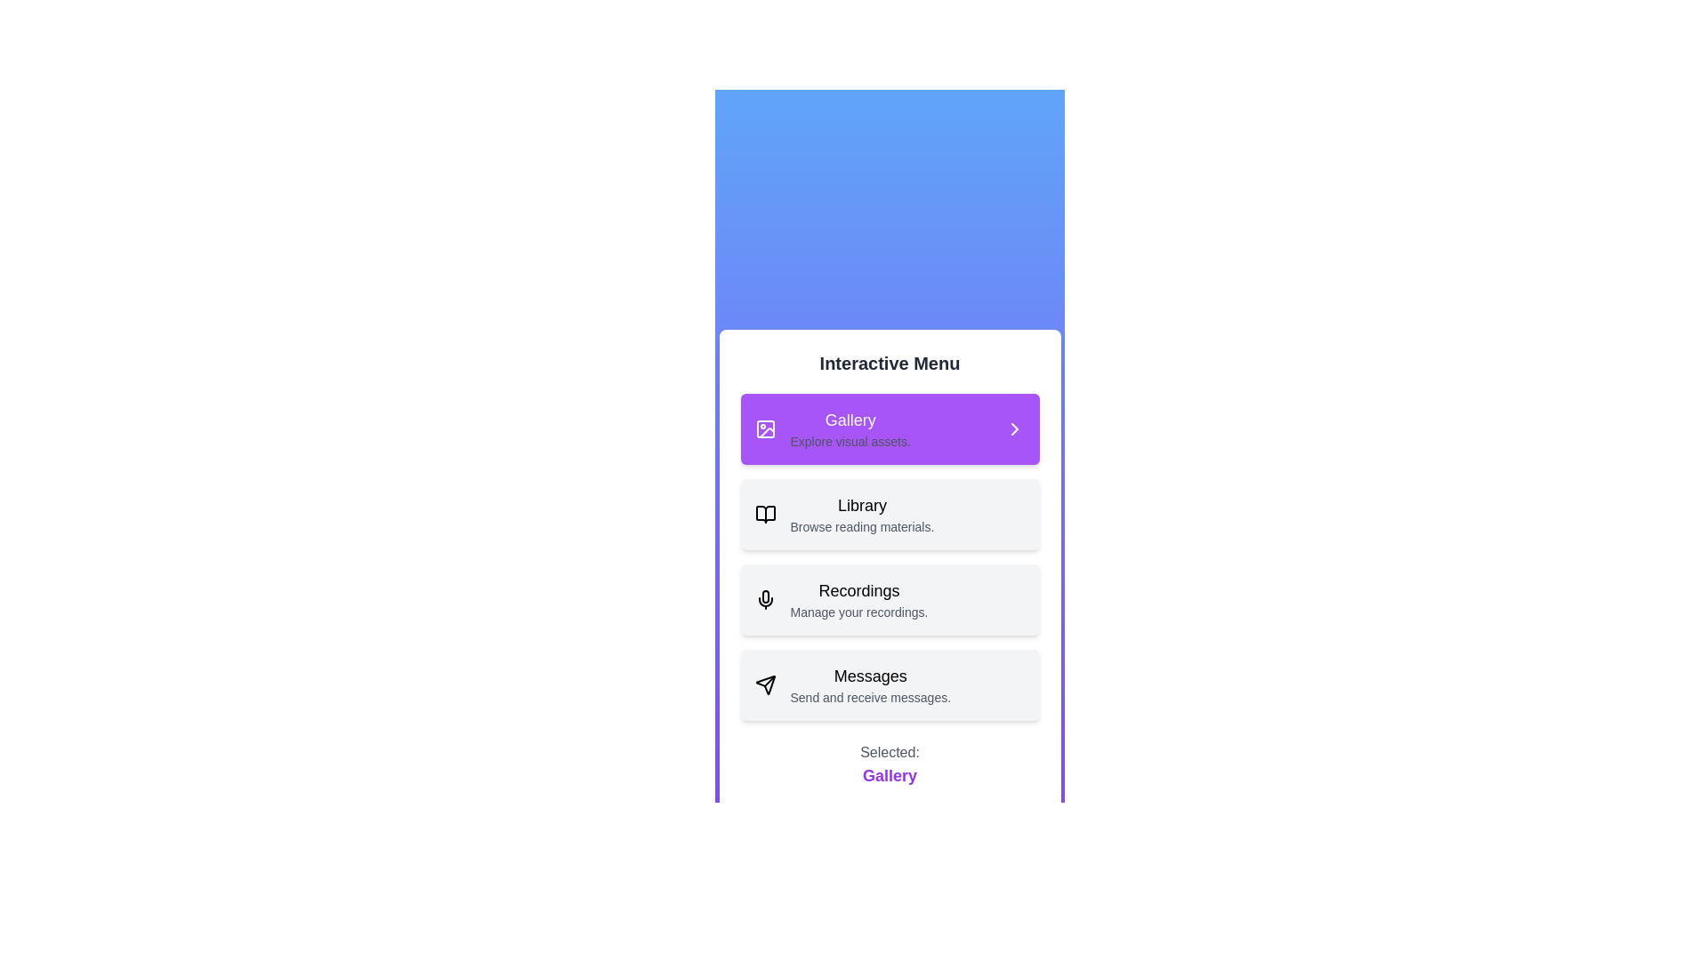  What do you see at coordinates (765, 514) in the screenshot?
I see `the icon of the list item labeled Library` at bounding box center [765, 514].